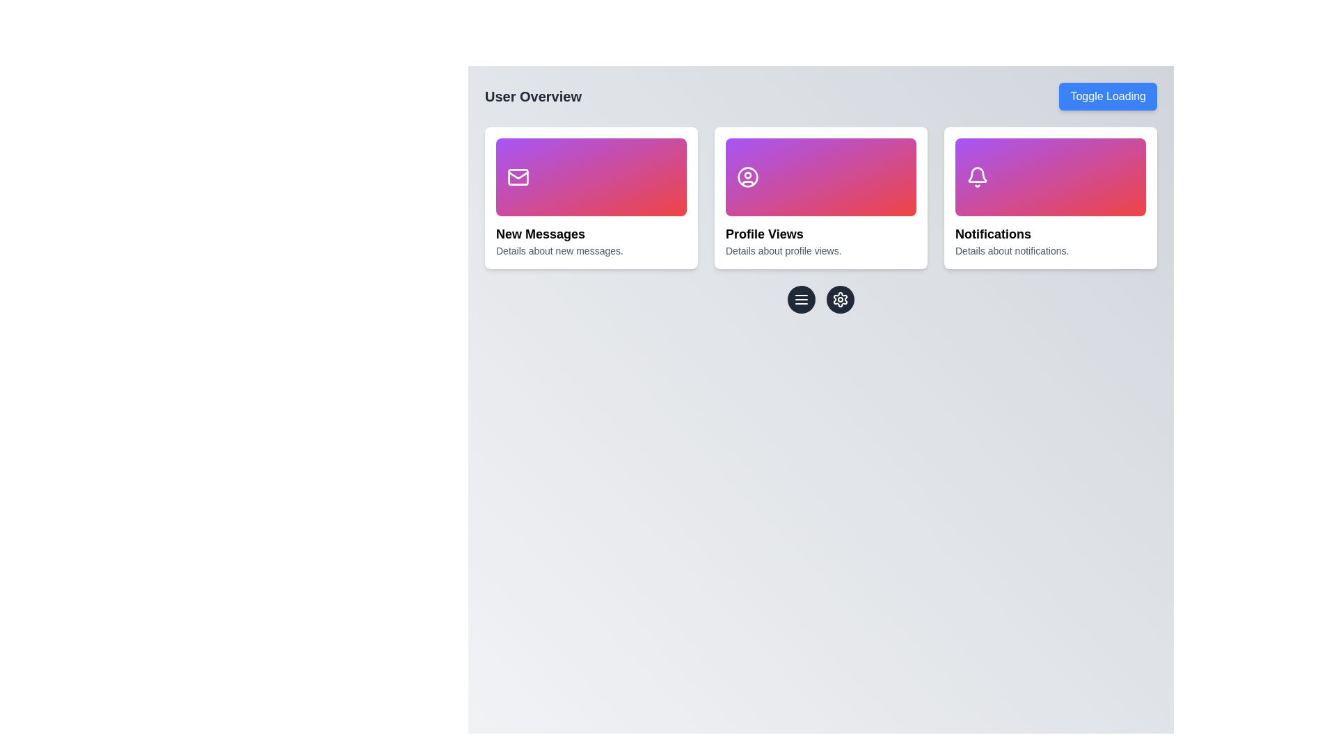 Image resolution: width=1336 pixels, height=751 pixels. I want to click on the descriptive label for the 'Notifications' section, which is positioned beneath the 'Notifications' heading and to the right of other notification sections, so click(1012, 251).